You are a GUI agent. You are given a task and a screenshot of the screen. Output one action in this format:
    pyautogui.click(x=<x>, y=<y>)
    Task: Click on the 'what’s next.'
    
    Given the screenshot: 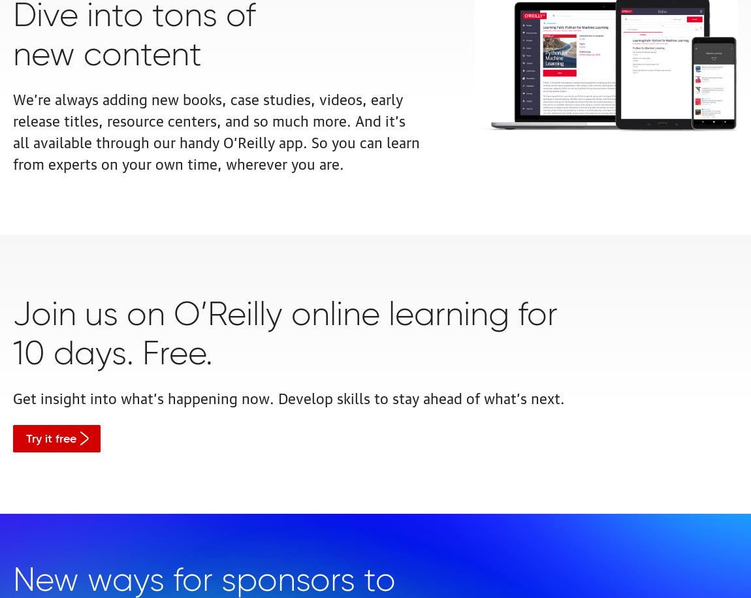 What is the action you would take?
    pyautogui.click(x=524, y=396)
    